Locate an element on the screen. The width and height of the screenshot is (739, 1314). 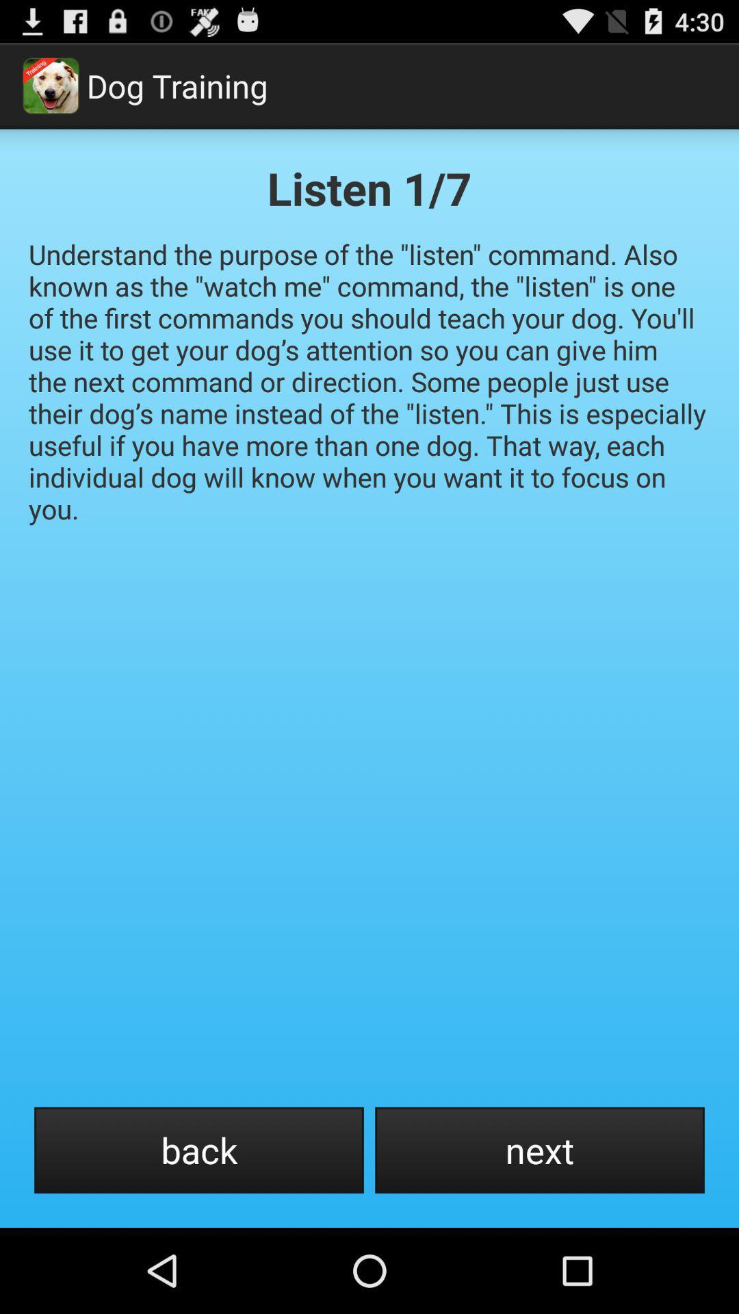
next item is located at coordinates (539, 1150).